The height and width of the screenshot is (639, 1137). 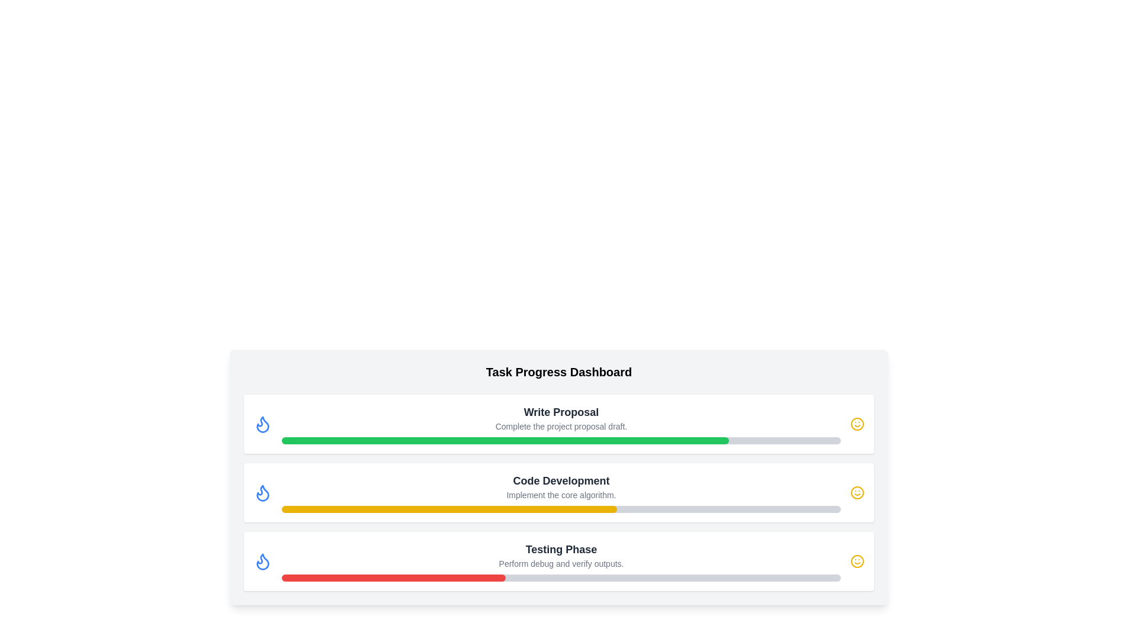 I want to click on the positivity icon located on the far right of the second card in the Task Progress Dashboard, next to the progress bar and the text 'Implement the core algorithm', so click(x=857, y=493).